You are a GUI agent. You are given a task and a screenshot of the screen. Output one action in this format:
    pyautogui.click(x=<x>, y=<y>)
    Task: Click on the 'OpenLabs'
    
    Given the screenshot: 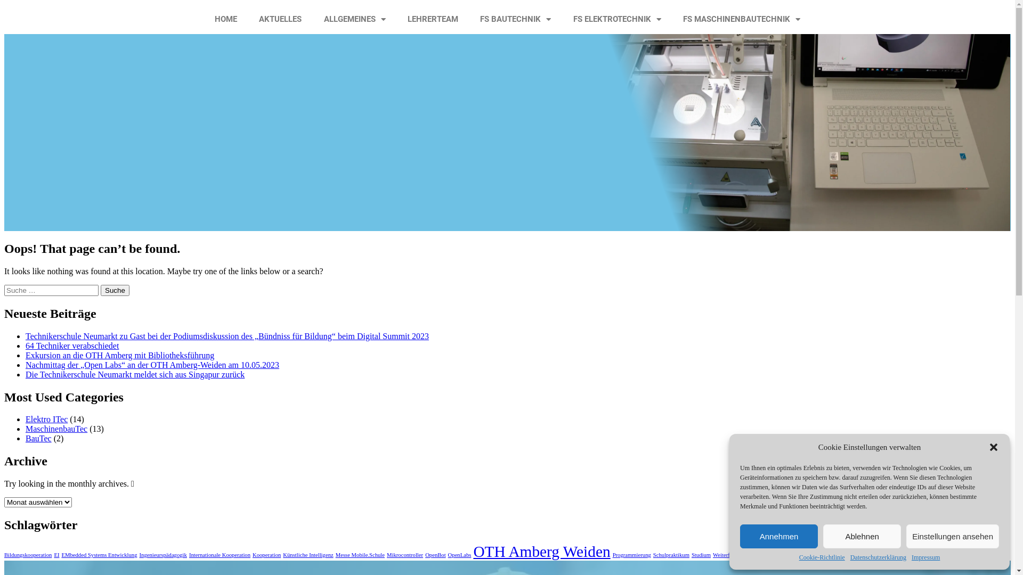 What is the action you would take?
    pyautogui.click(x=460, y=554)
    